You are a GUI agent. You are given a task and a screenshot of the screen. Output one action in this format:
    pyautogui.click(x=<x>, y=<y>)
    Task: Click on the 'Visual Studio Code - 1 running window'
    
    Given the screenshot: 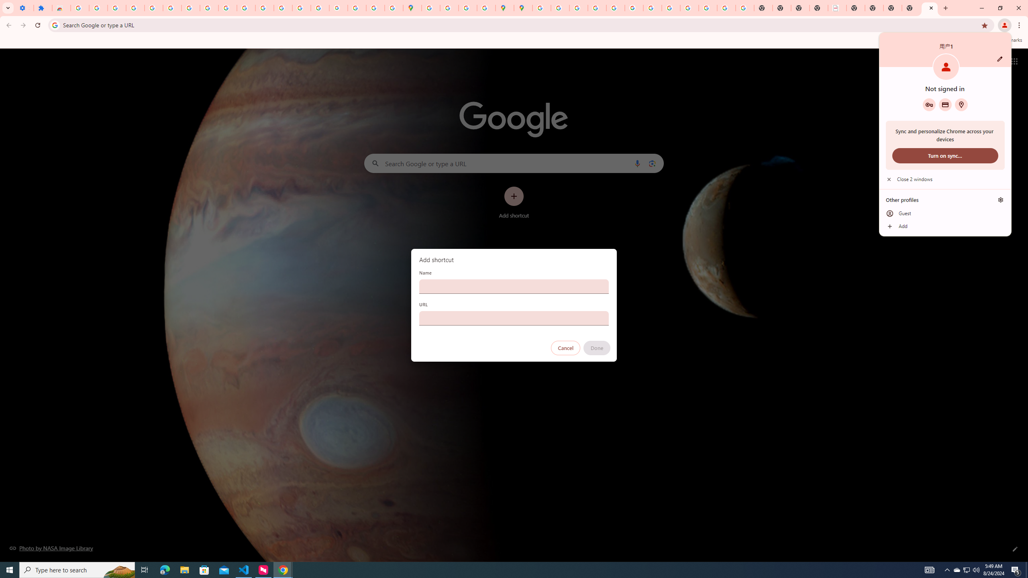 What is the action you would take?
    pyautogui.click(x=244, y=569)
    